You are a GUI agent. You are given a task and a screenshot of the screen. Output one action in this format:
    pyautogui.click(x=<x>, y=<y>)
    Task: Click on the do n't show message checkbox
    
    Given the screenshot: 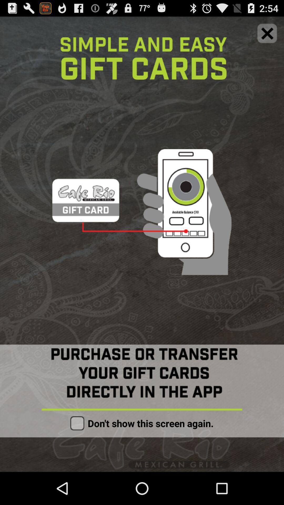 What is the action you would take?
    pyautogui.click(x=77, y=423)
    